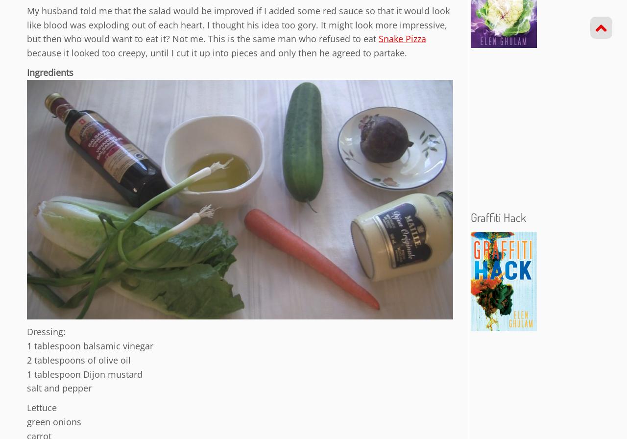 This screenshot has height=439, width=627. Describe the element at coordinates (471, 217) in the screenshot. I see `'Graffiti Hack'` at that location.